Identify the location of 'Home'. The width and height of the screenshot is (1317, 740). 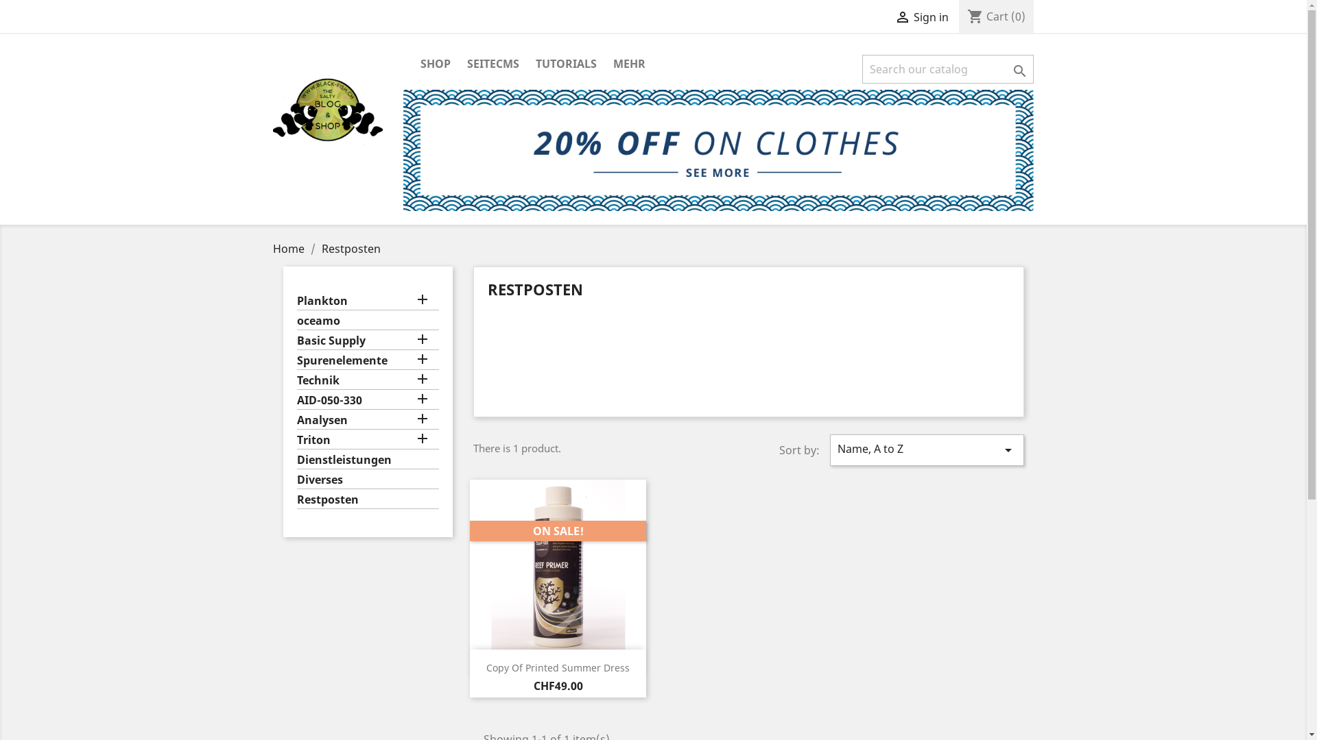
(273, 248).